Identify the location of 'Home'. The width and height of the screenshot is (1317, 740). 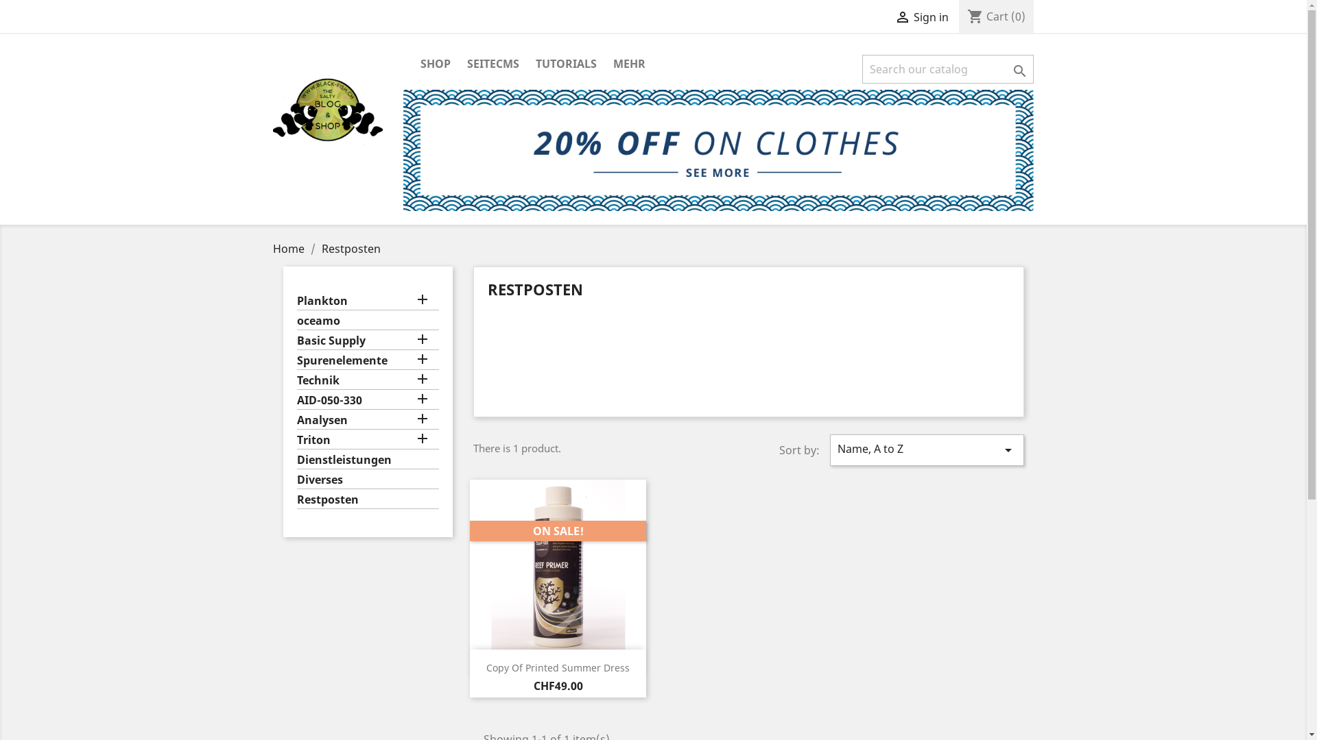
(273, 248).